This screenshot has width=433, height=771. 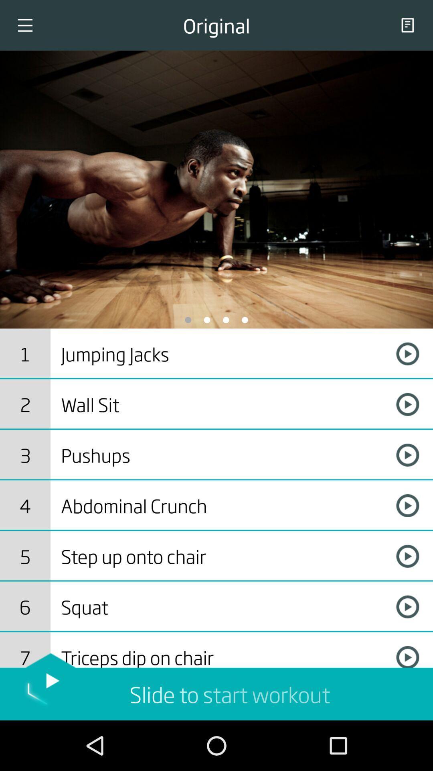 What do you see at coordinates (221, 505) in the screenshot?
I see `incorrect bounding box` at bounding box center [221, 505].